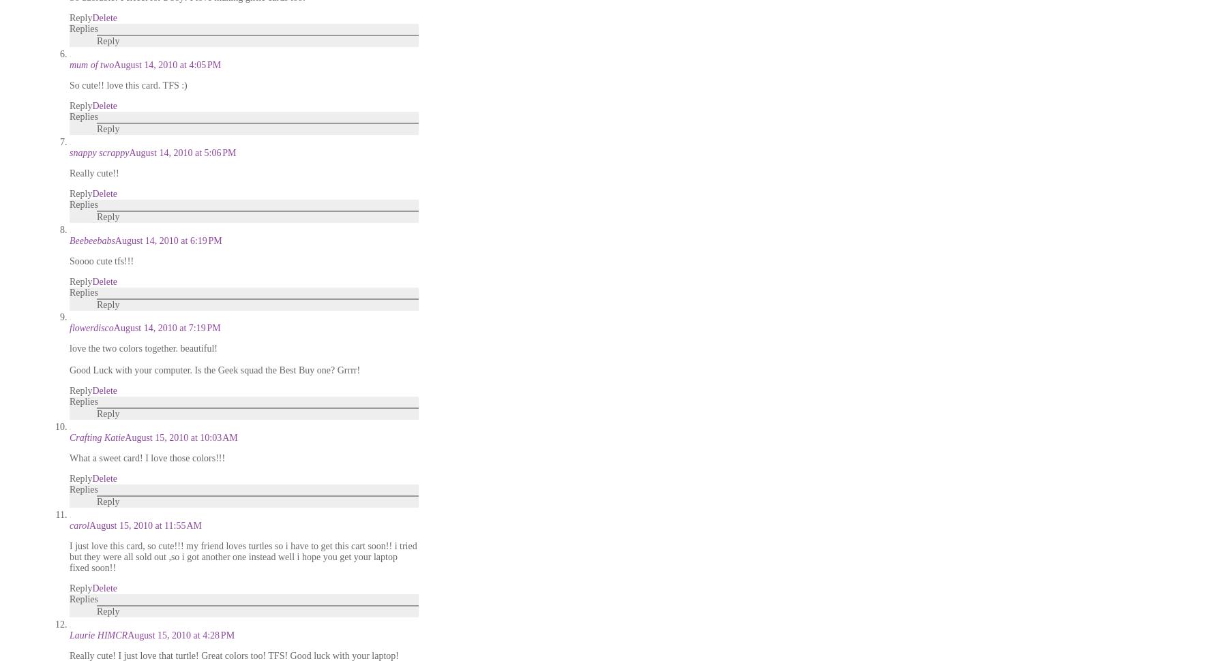 The image size is (1207, 661). Describe the element at coordinates (98, 634) in the screenshot. I see `'Laurie HIMCR'` at that location.